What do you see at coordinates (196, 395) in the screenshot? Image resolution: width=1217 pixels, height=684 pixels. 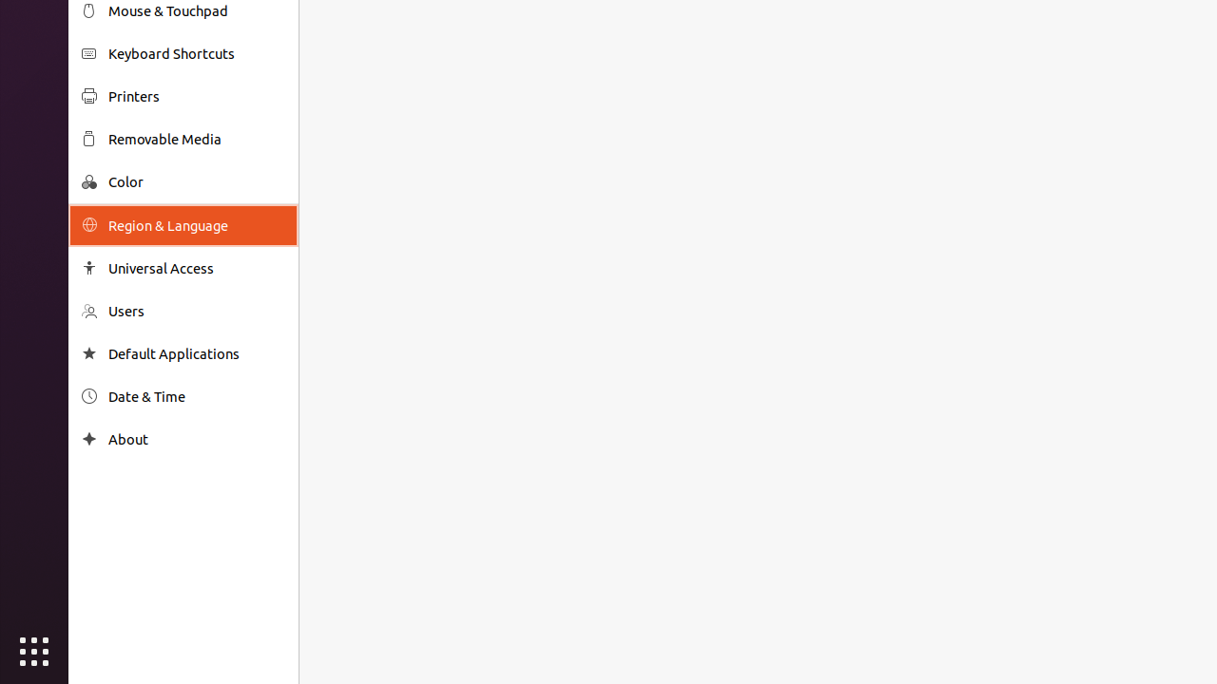 I see `'Date & Time'` at bounding box center [196, 395].